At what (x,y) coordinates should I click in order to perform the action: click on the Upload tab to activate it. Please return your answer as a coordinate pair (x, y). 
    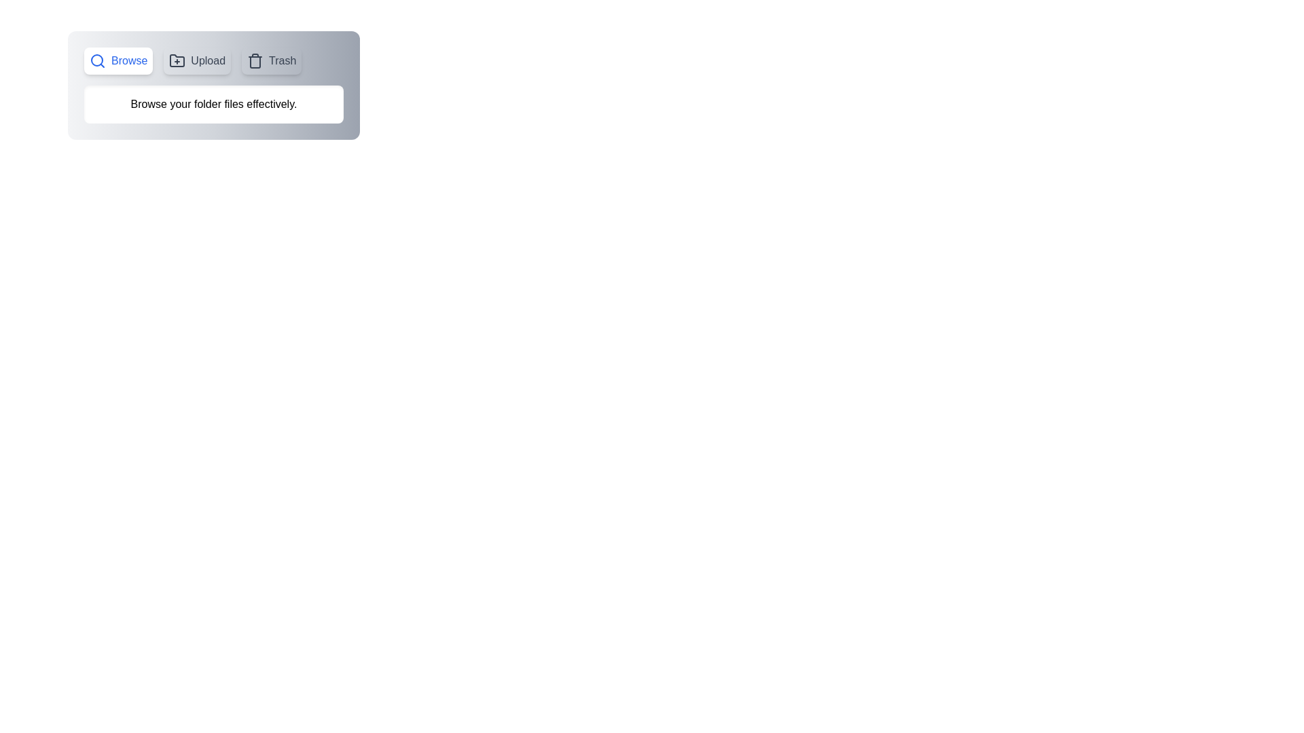
    Looking at the image, I should click on (196, 60).